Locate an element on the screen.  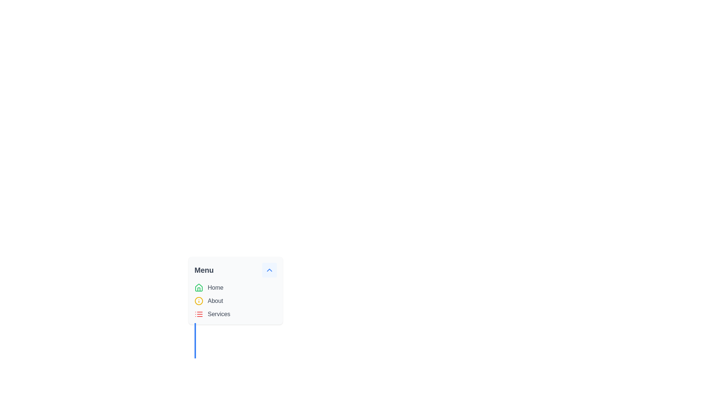
the 'Menu' static text label, which is prominently displayed in bold and large gray font, serving as a title for the dropdown menu items is located at coordinates (204, 270).